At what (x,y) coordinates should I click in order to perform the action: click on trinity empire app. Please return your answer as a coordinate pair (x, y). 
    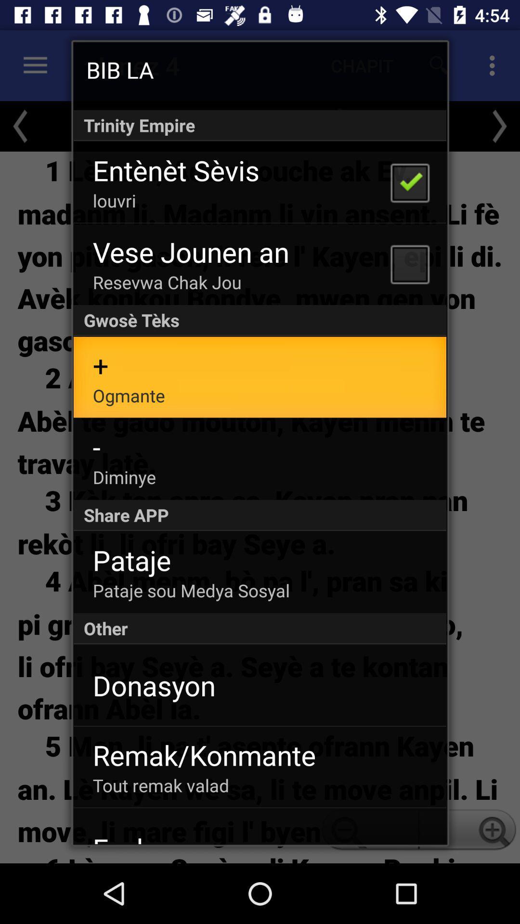
    Looking at the image, I should click on (260, 125).